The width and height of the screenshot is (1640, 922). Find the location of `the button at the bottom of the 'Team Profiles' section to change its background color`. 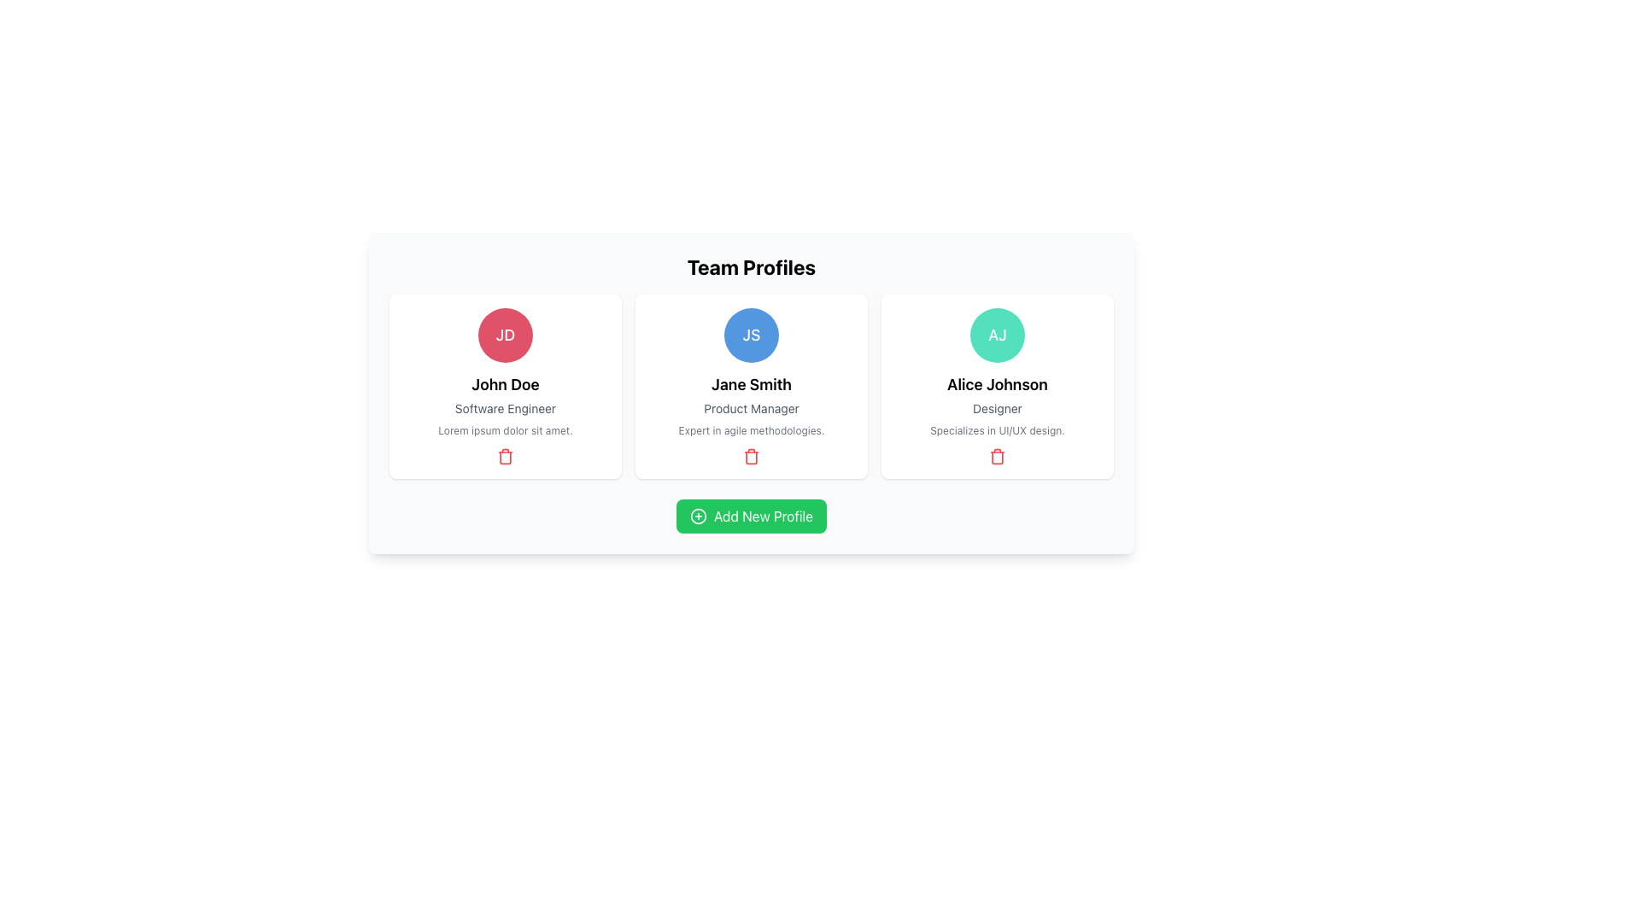

the button at the bottom of the 'Team Profiles' section to change its background color is located at coordinates (751, 516).